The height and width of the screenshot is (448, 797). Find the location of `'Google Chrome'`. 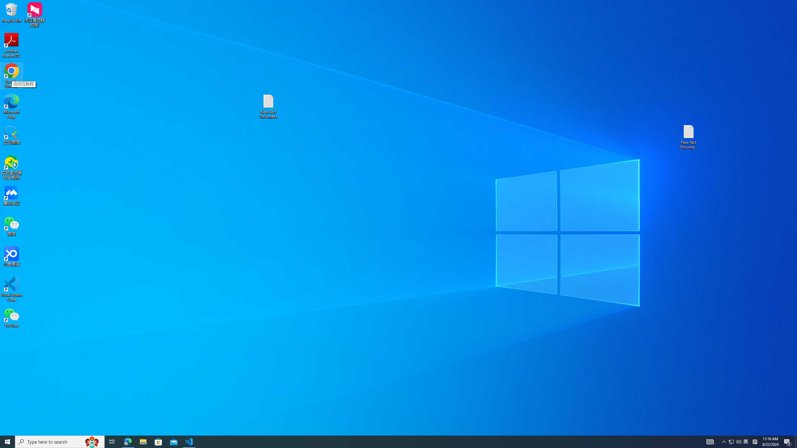

'Google Chrome' is located at coordinates (11, 76).